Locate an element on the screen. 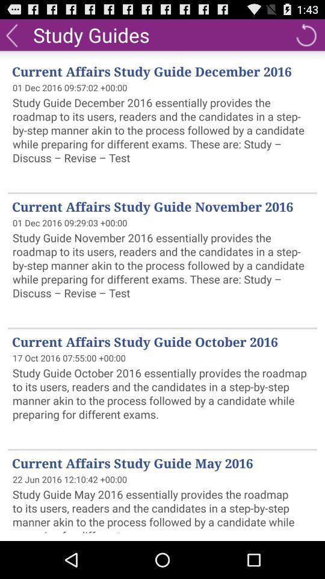  app above current affairs study is located at coordinates (11, 34).